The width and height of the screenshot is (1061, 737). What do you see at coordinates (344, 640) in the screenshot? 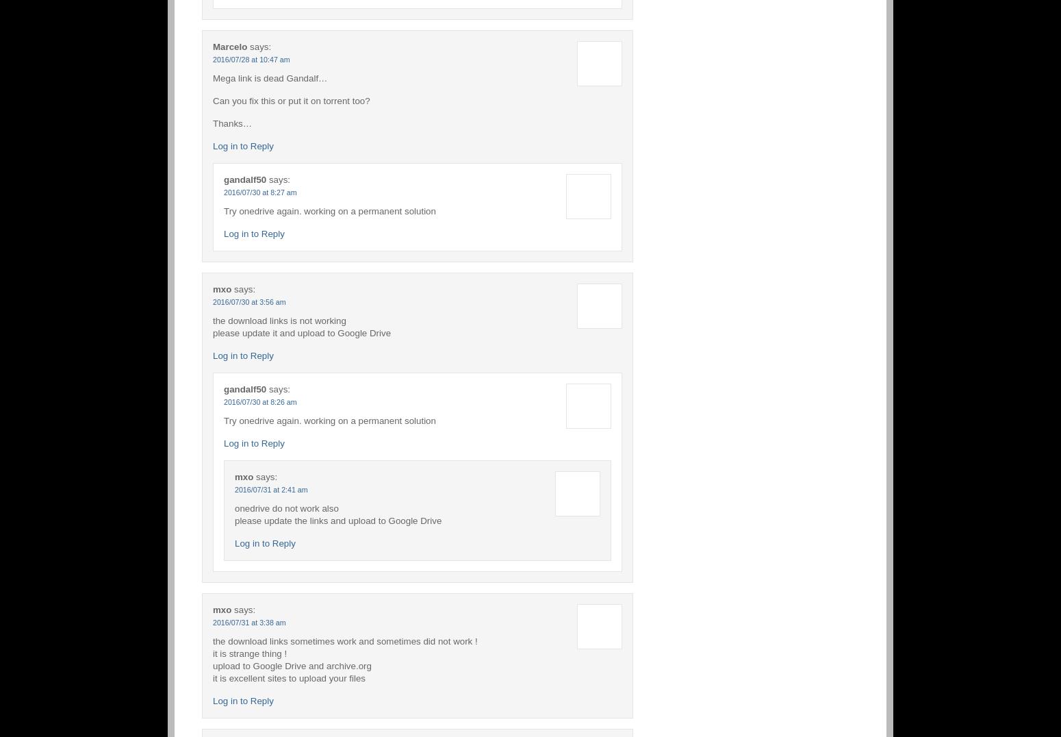
I see `'the download links sometimes work and sometimes did not work !'` at bounding box center [344, 640].